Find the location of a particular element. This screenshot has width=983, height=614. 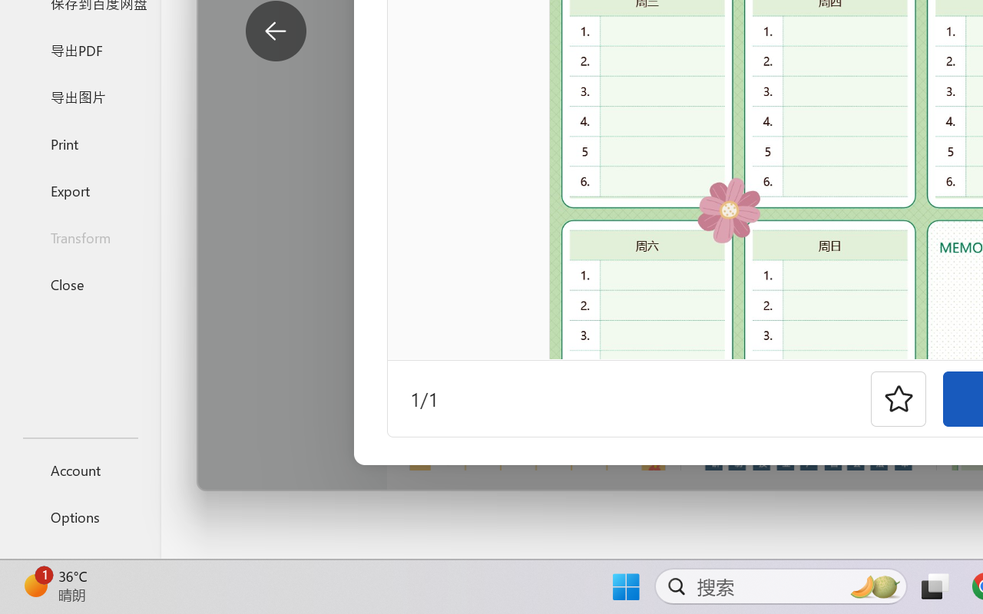

'Account' is located at coordinates (79, 470).